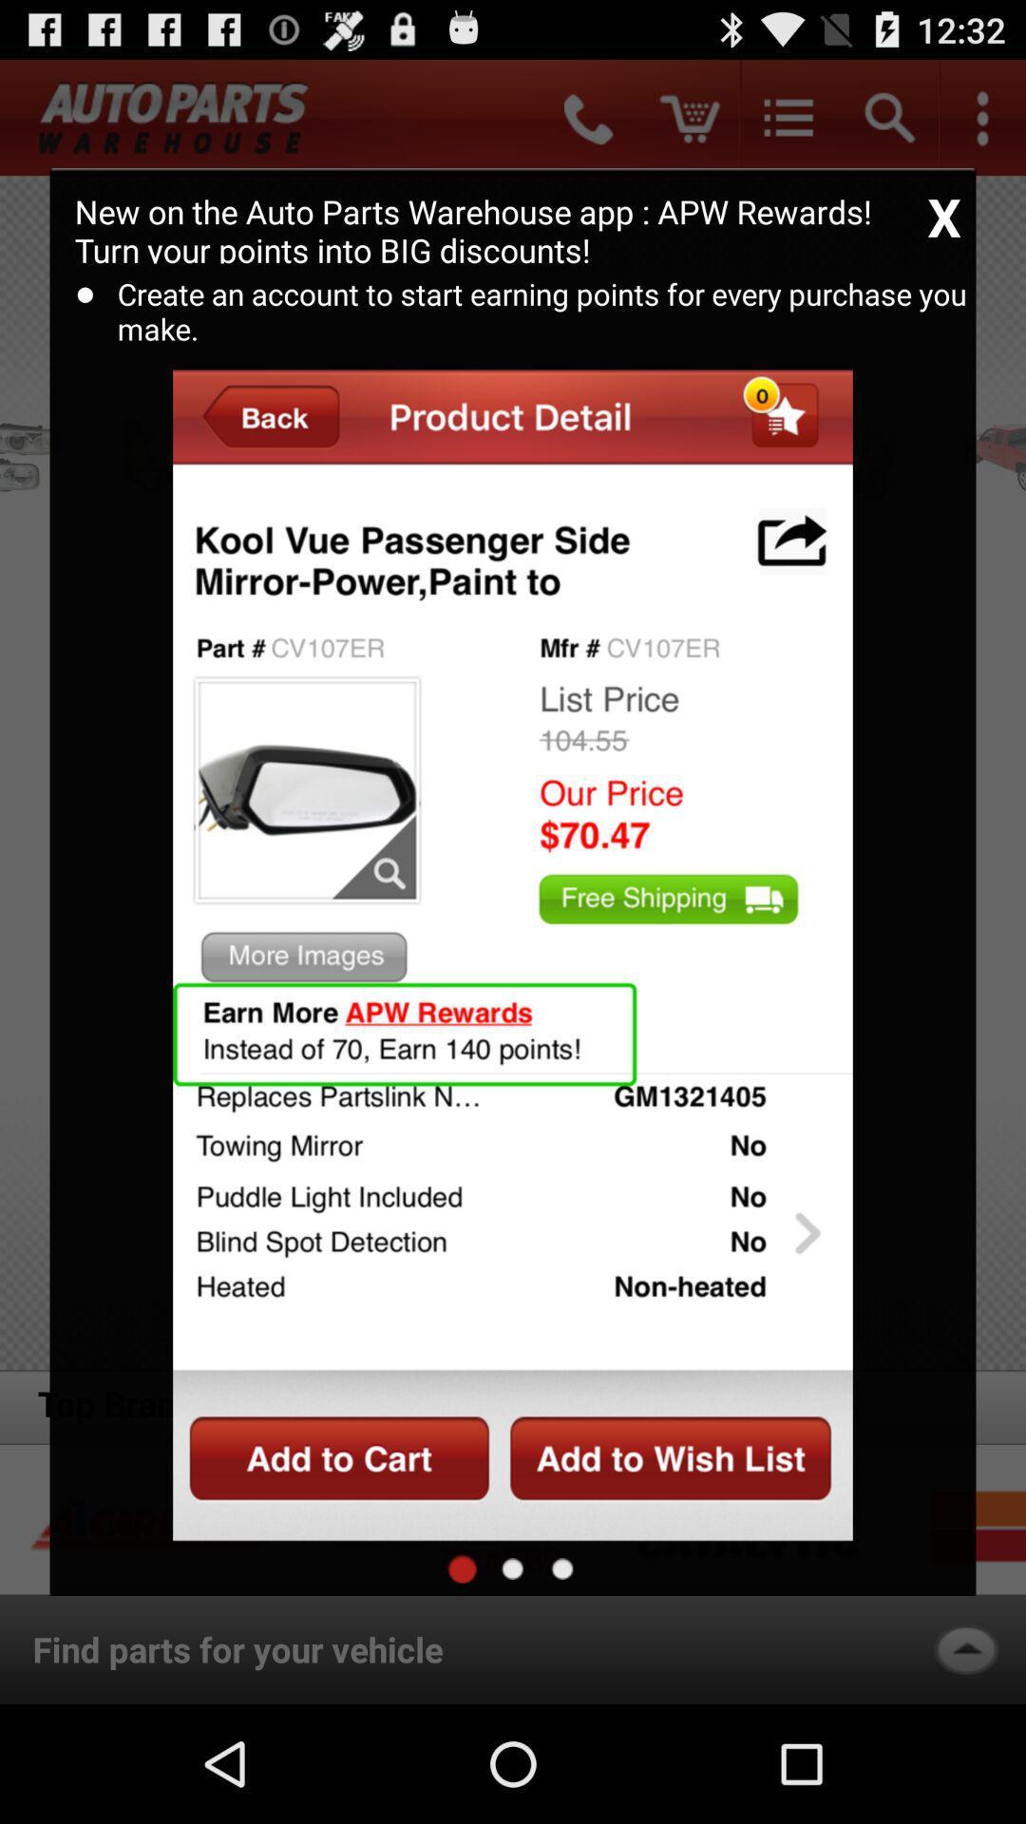  Describe the element at coordinates (513, 1568) in the screenshot. I see `fllu` at that location.